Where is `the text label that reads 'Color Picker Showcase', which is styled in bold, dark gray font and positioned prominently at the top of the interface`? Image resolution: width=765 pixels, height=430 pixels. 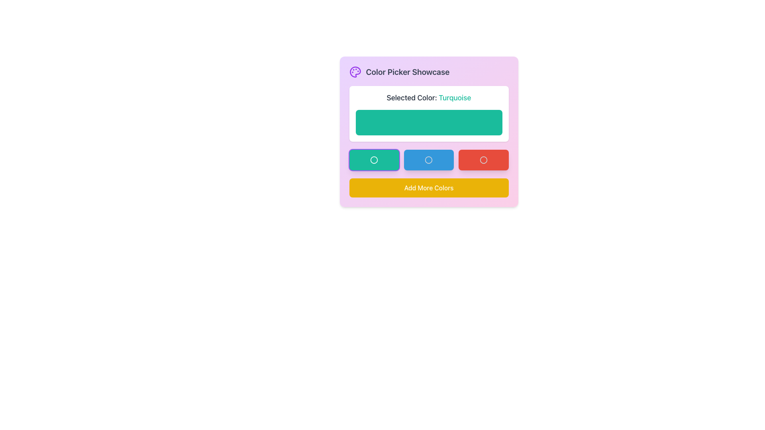
the text label that reads 'Color Picker Showcase', which is styled in bold, dark gray font and positioned prominently at the top of the interface is located at coordinates (408, 72).